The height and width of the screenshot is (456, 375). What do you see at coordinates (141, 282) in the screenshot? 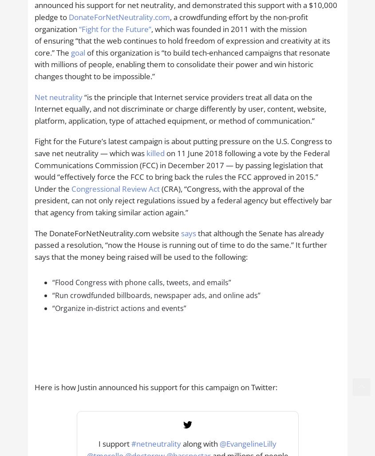
I see `'“Flood Congress with phone calls, tweets, and emails”'` at bounding box center [141, 282].